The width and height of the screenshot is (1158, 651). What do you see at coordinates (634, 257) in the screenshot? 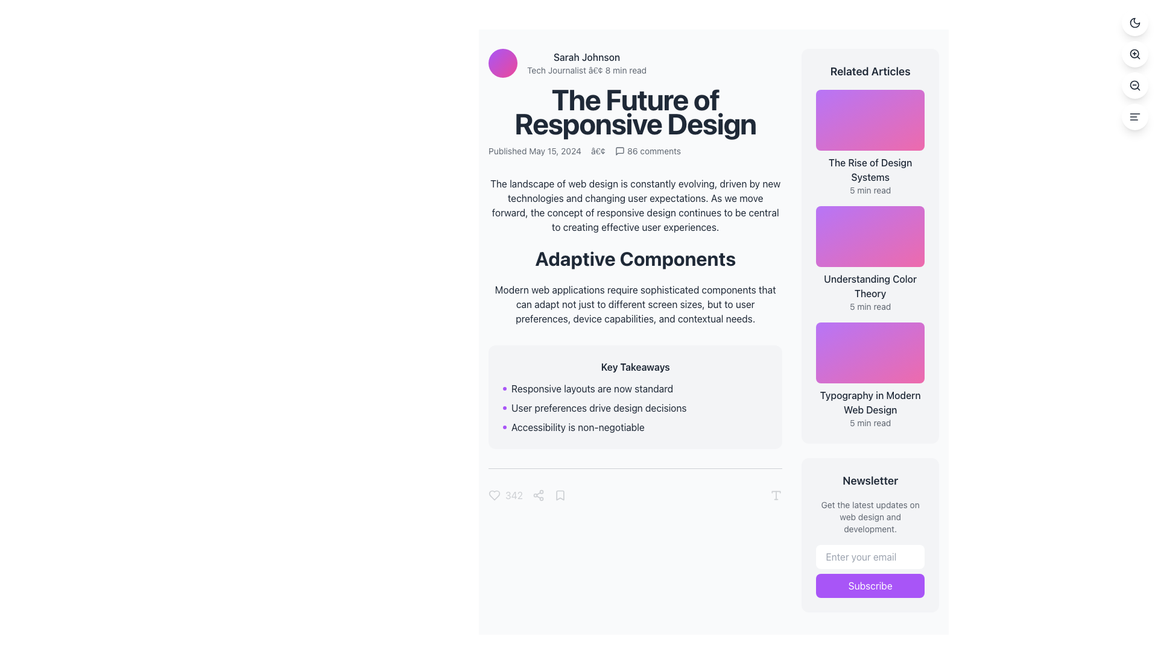
I see `header text element labeled 'Adaptive Components' to understand the section's topic, which is prominently displayed in bold and large font` at bounding box center [634, 257].